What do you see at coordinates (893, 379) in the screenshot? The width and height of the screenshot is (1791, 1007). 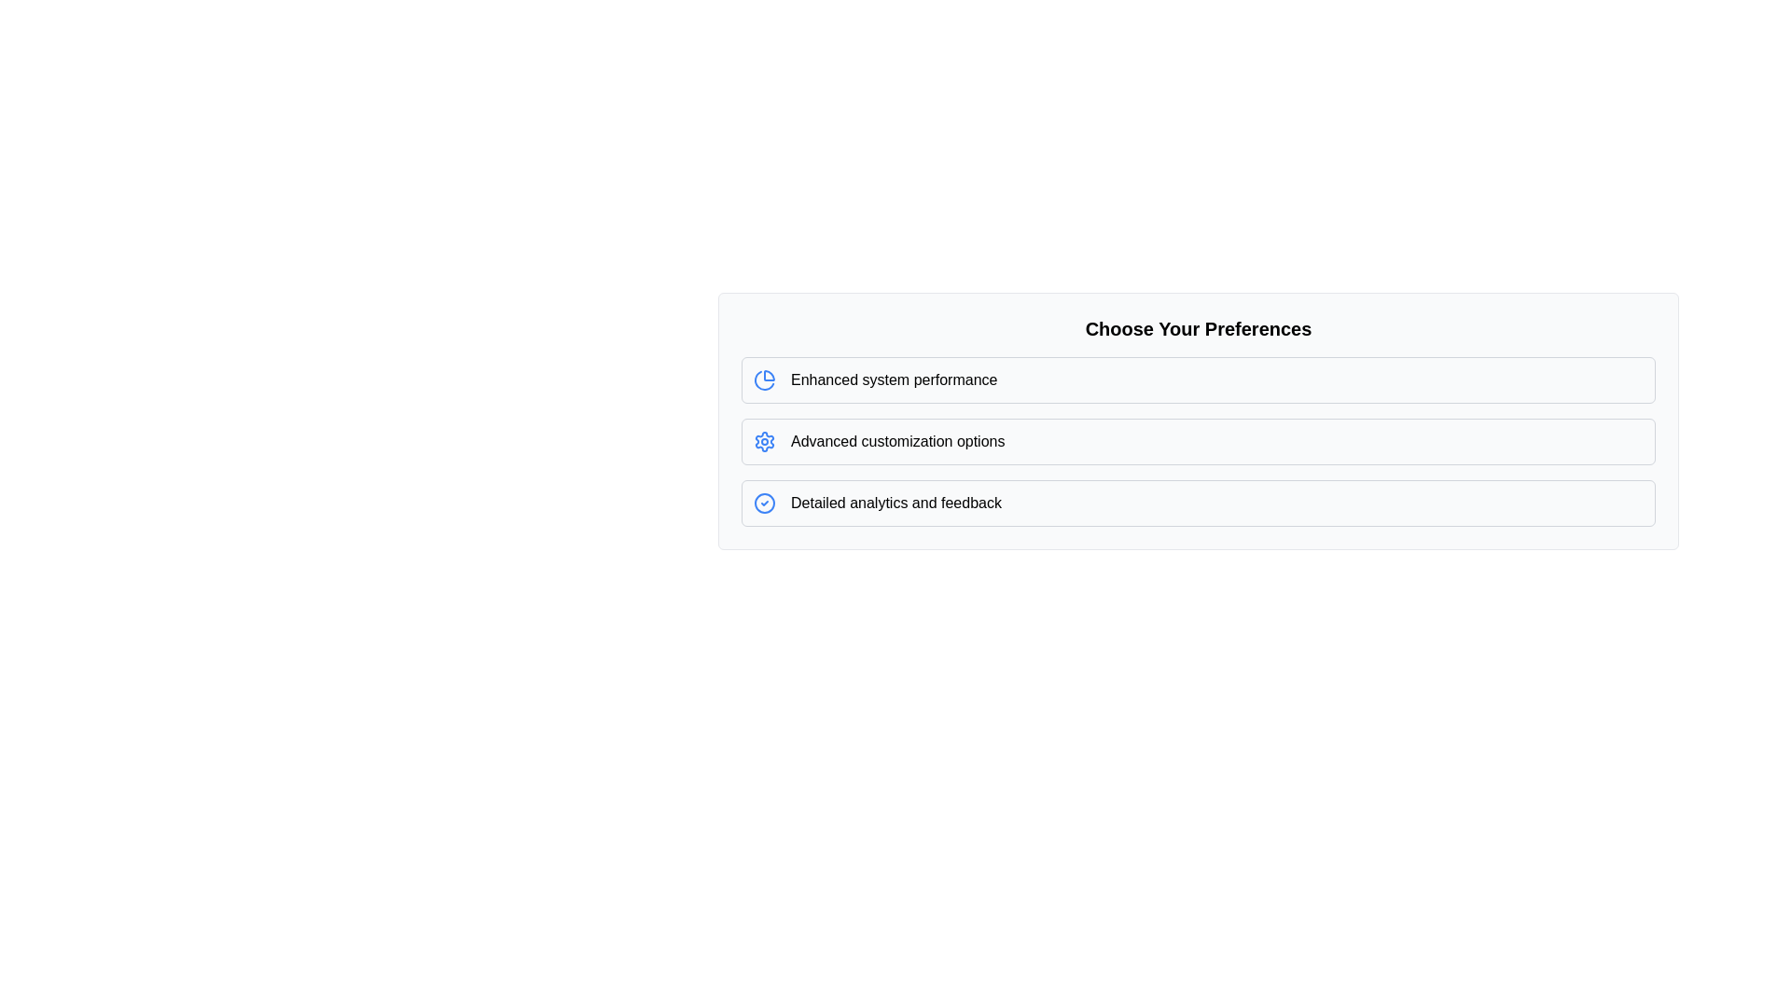 I see `the text label that reads 'Enhanced system performance' located in the first row of the 'Choose Your Preferences' section` at bounding box center [893, 379].